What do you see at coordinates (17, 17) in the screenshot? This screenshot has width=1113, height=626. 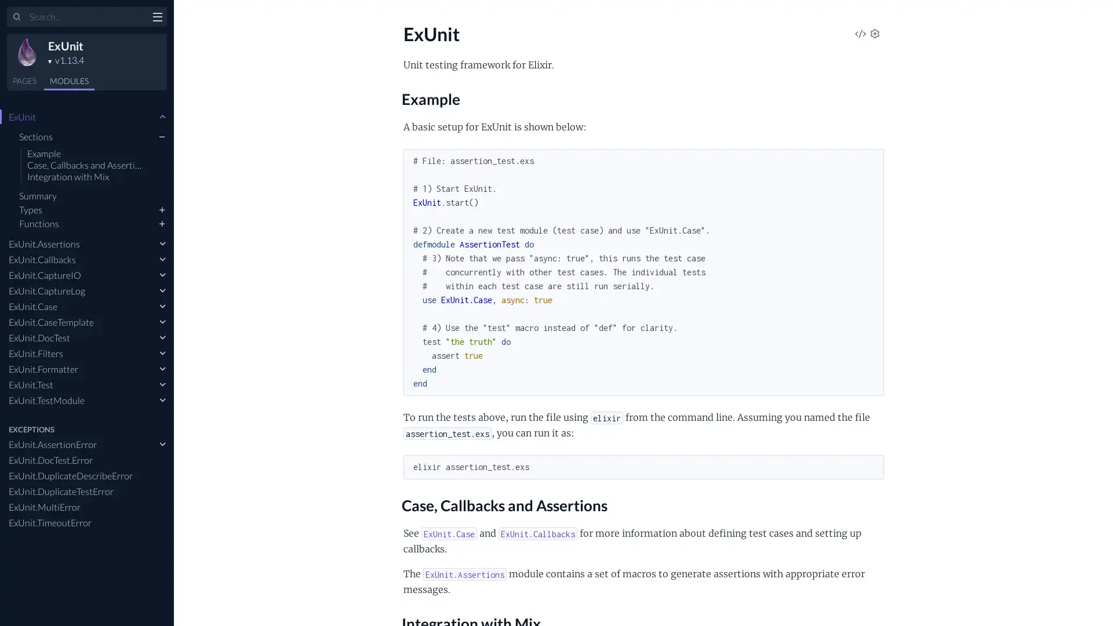 I see `Submit Search` at bounding box center [17, 17].